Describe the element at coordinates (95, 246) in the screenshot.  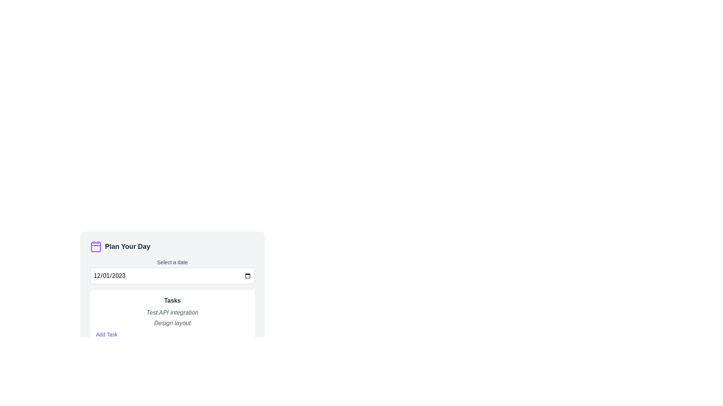
I see `the calendar icon located at the top-left corner of the 'Plan Your Day' section, which visually indicates the nature of the section it belongs to` at that location.